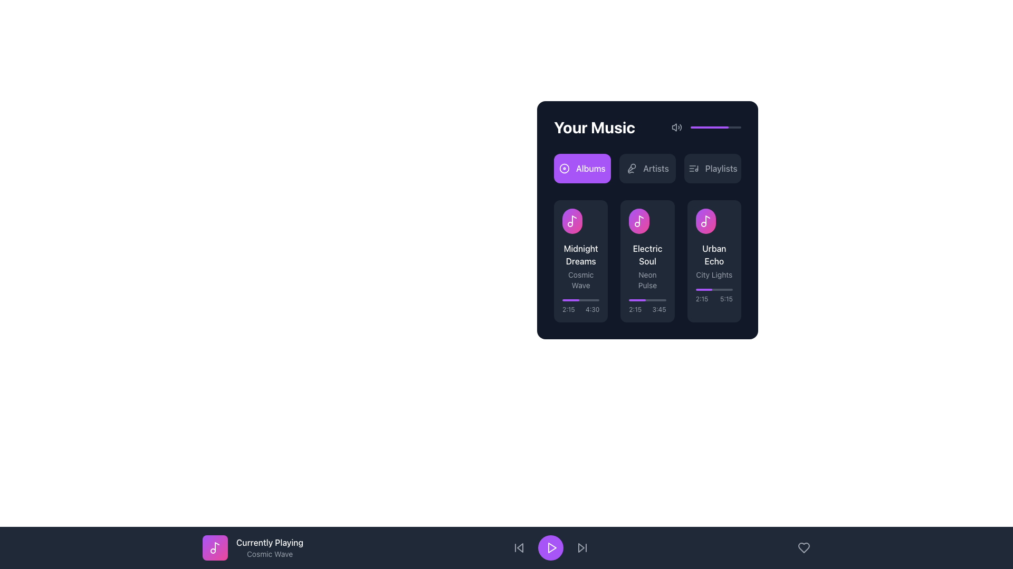  Describe the element at coordinates (693, 168) in the screenshot. I see `the Icon element resembling a list with a musical note, located within the 'Playlists' button in the 'Your Music' section` at that location.